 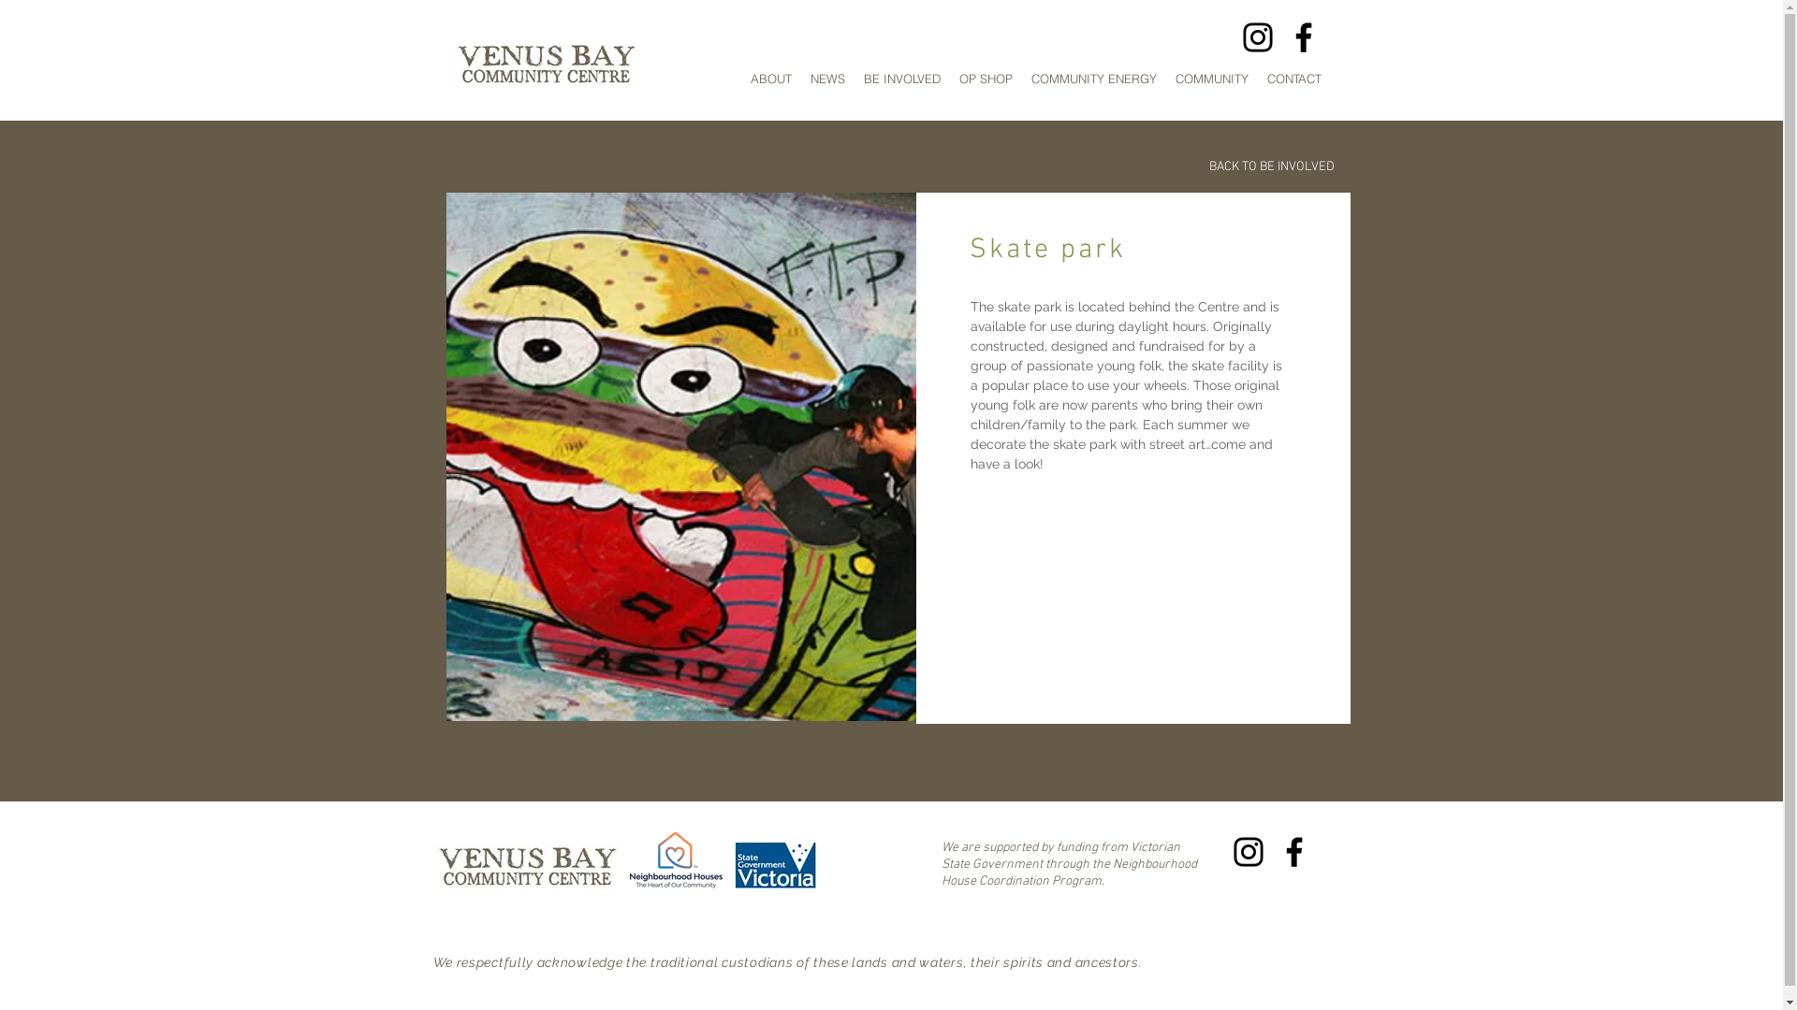 What do you see at coordinates (901, 78) in the screenshot?
I see `'BE INVOLVED'` at bounding box center [901, 78].